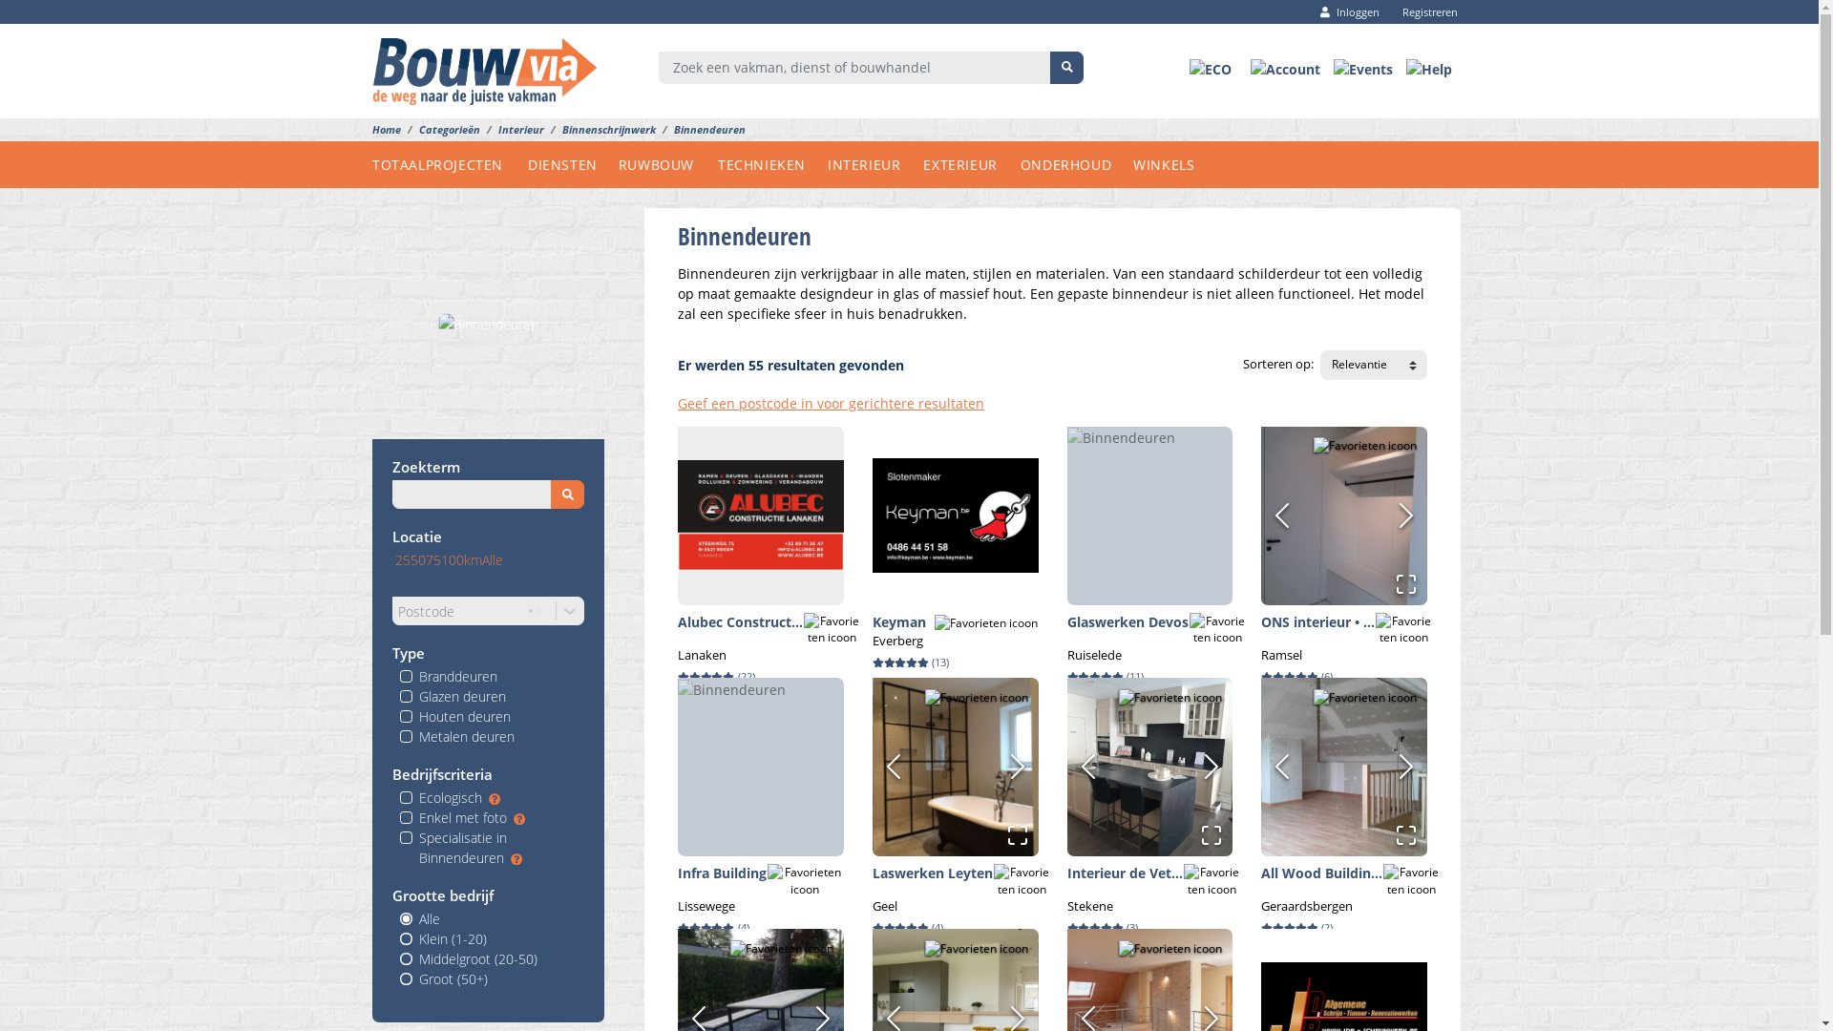 This screenshot has height=1031, width=1833. Describe the element at coordinates (772, 163) in the screenshot. I see `'TECHNIEKEN'` at that location.